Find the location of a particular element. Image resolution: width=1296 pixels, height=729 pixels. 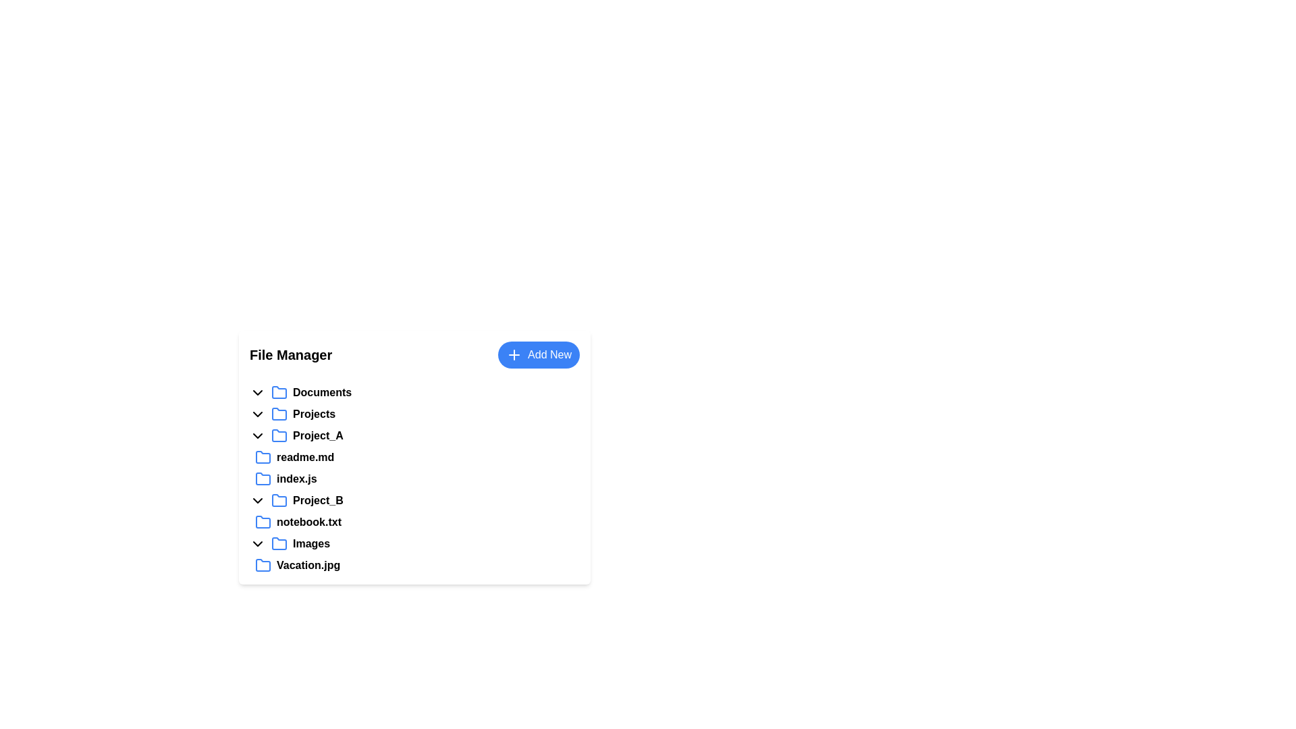

the 'Project_B' collapsible folder item in the file manager interface is located at coordinates (414, 500).